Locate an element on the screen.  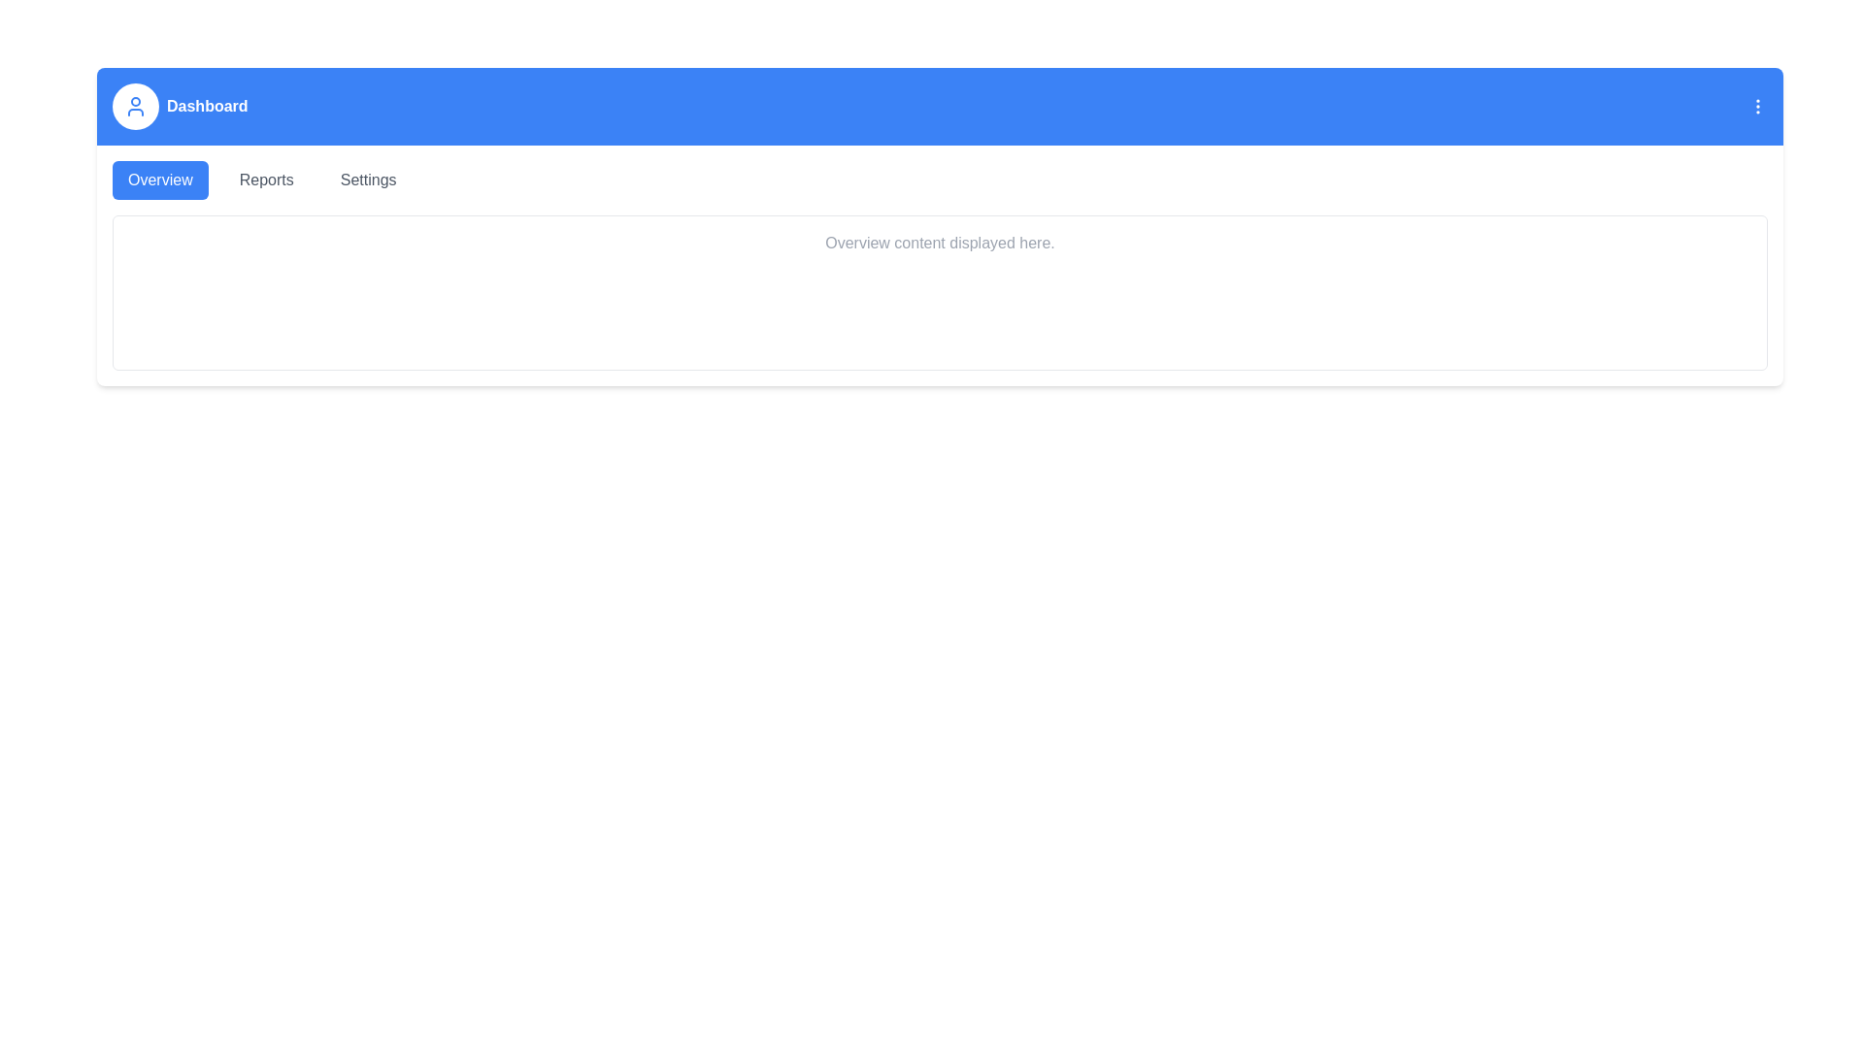
the Text Label indicating the current section or page of the interface, located within the top-left section of the blue header bar, adjacent to a circular icon and part of the group that includes a user symbol icon and the word 'Dashboard' is located at coordinates (180, 107).